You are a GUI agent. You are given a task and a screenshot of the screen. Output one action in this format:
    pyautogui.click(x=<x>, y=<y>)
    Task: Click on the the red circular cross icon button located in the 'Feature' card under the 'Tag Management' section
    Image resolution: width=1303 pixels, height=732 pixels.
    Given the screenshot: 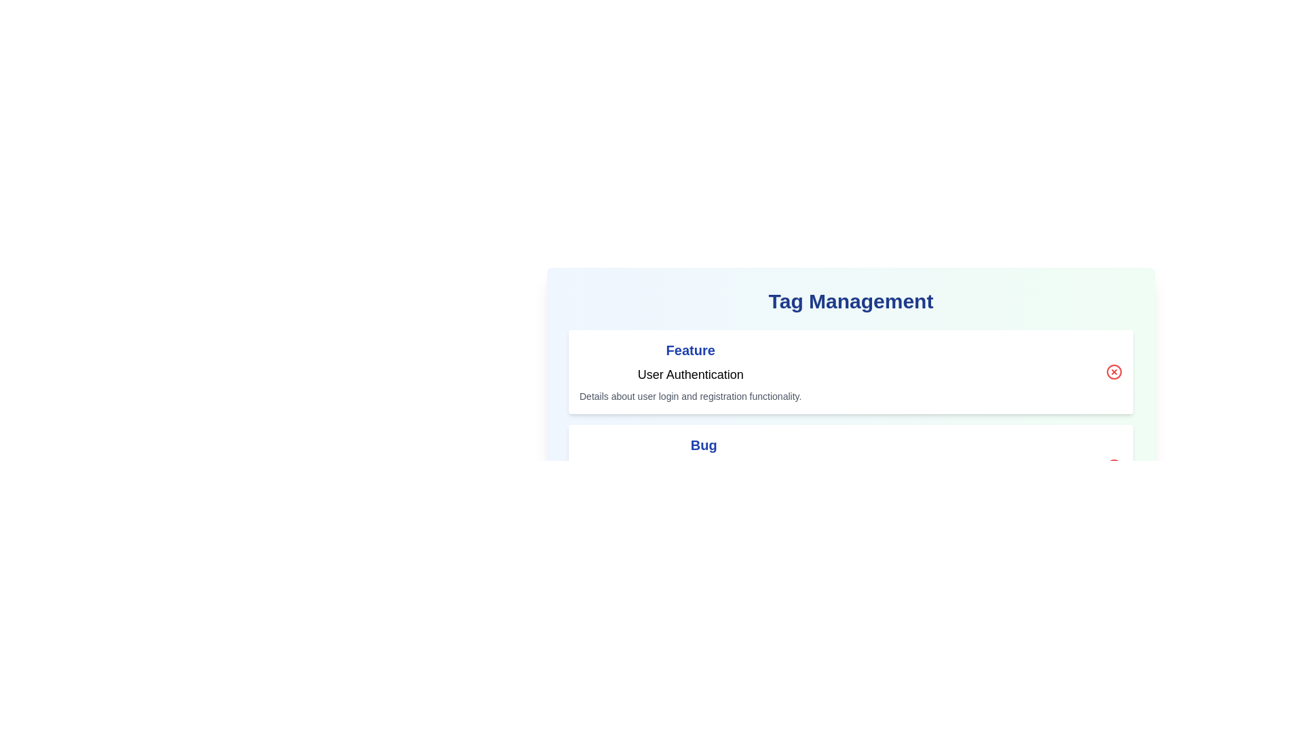 What is the action you would take?
    pyautogui.click(x=1114, y=371)
    